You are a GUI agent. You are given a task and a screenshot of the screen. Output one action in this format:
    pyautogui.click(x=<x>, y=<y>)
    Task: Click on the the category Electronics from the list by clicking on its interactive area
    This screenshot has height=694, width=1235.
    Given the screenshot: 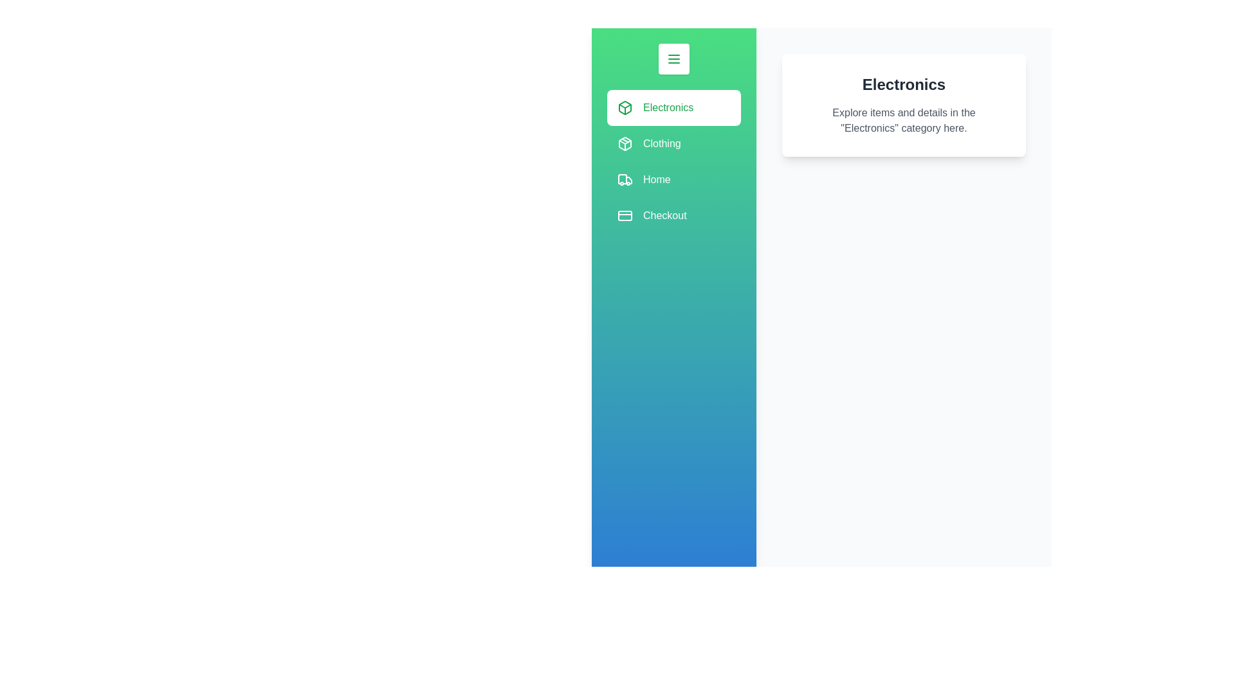 What is the action you would take?
    pyautogui.click(x=673, y=107)
    